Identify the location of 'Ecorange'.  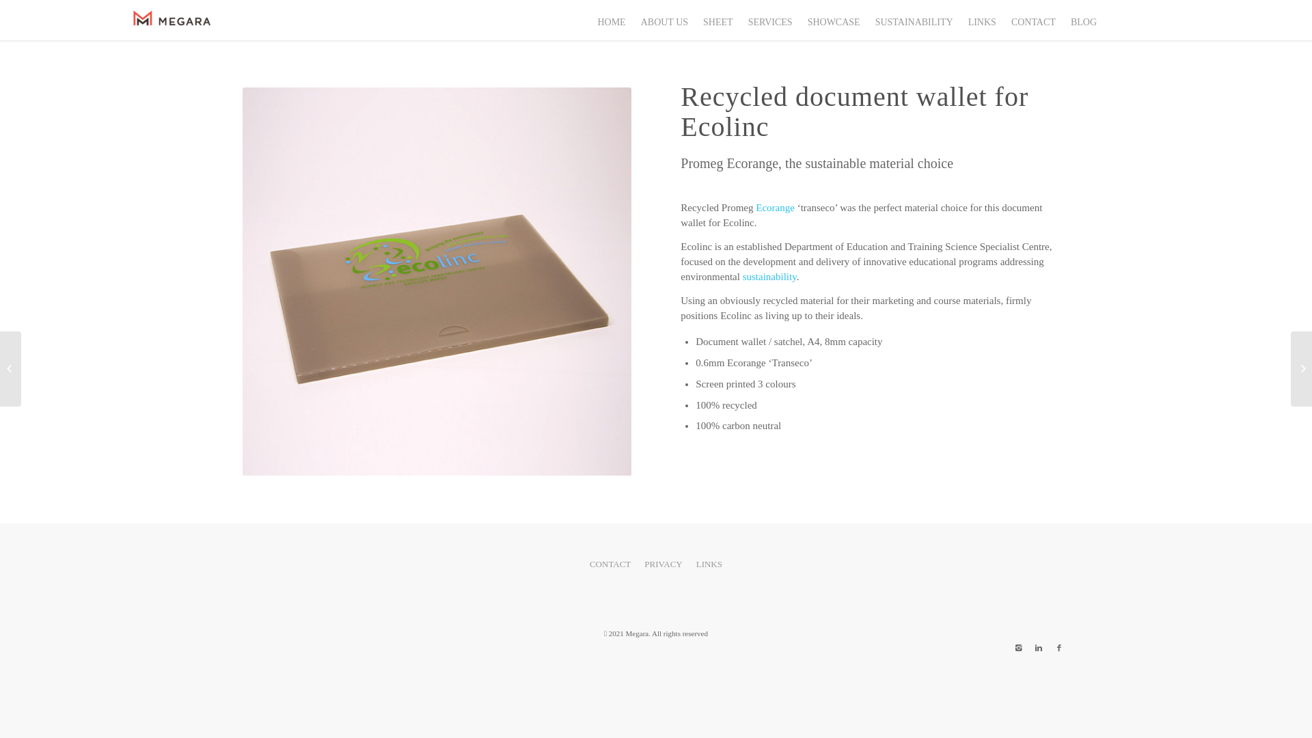
(754, 208).